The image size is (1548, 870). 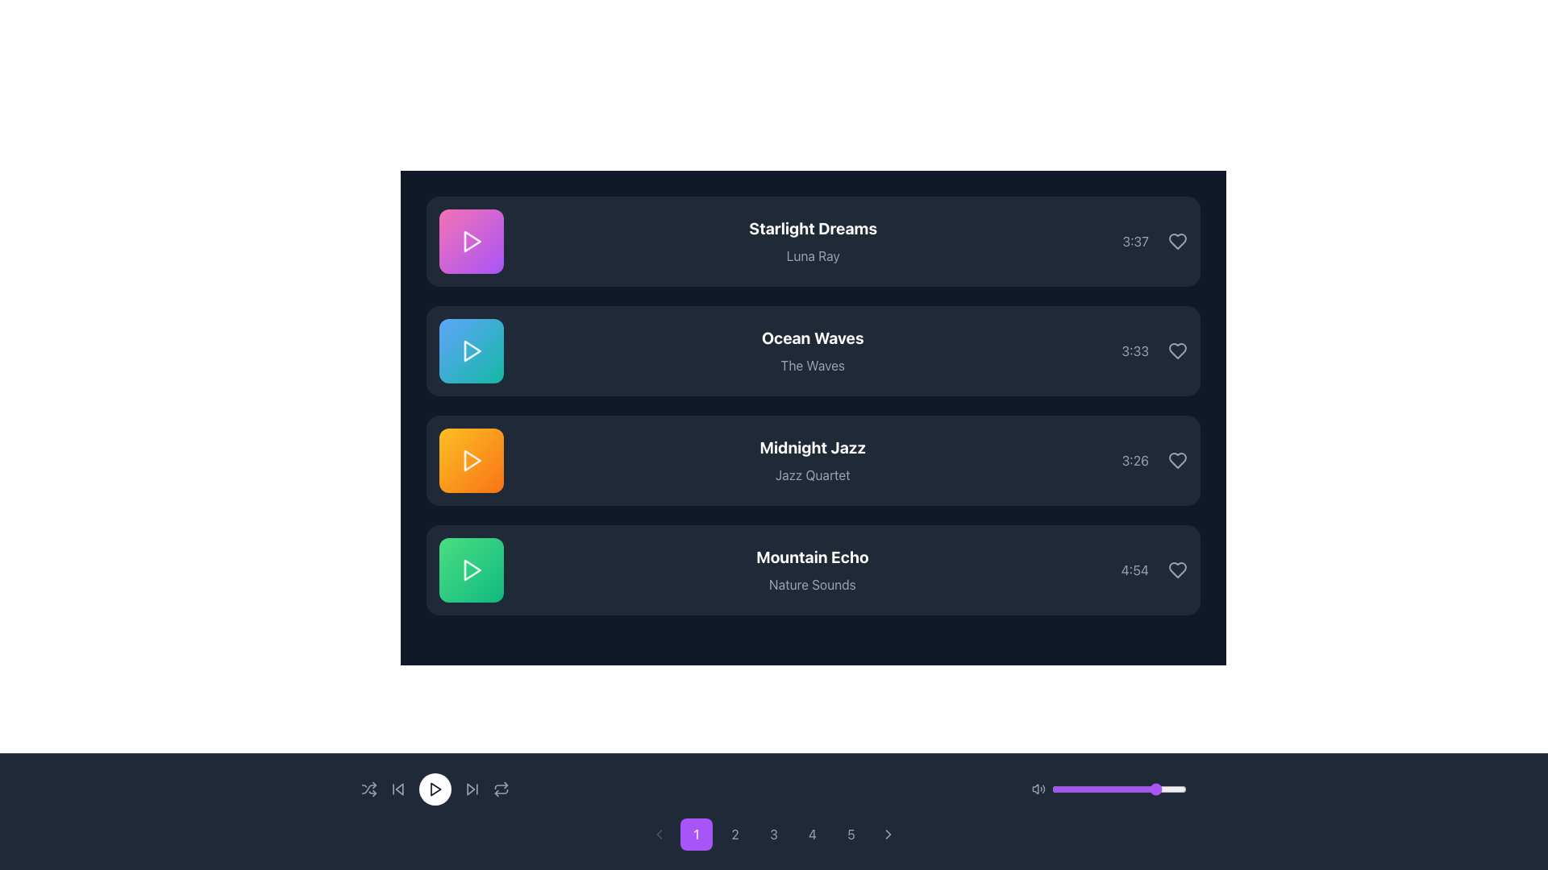 I want to click on the heart icon button located at the far-right end of the song row for 'Ocean Waves' by 'The Waves', so click(x=1177, y=350).